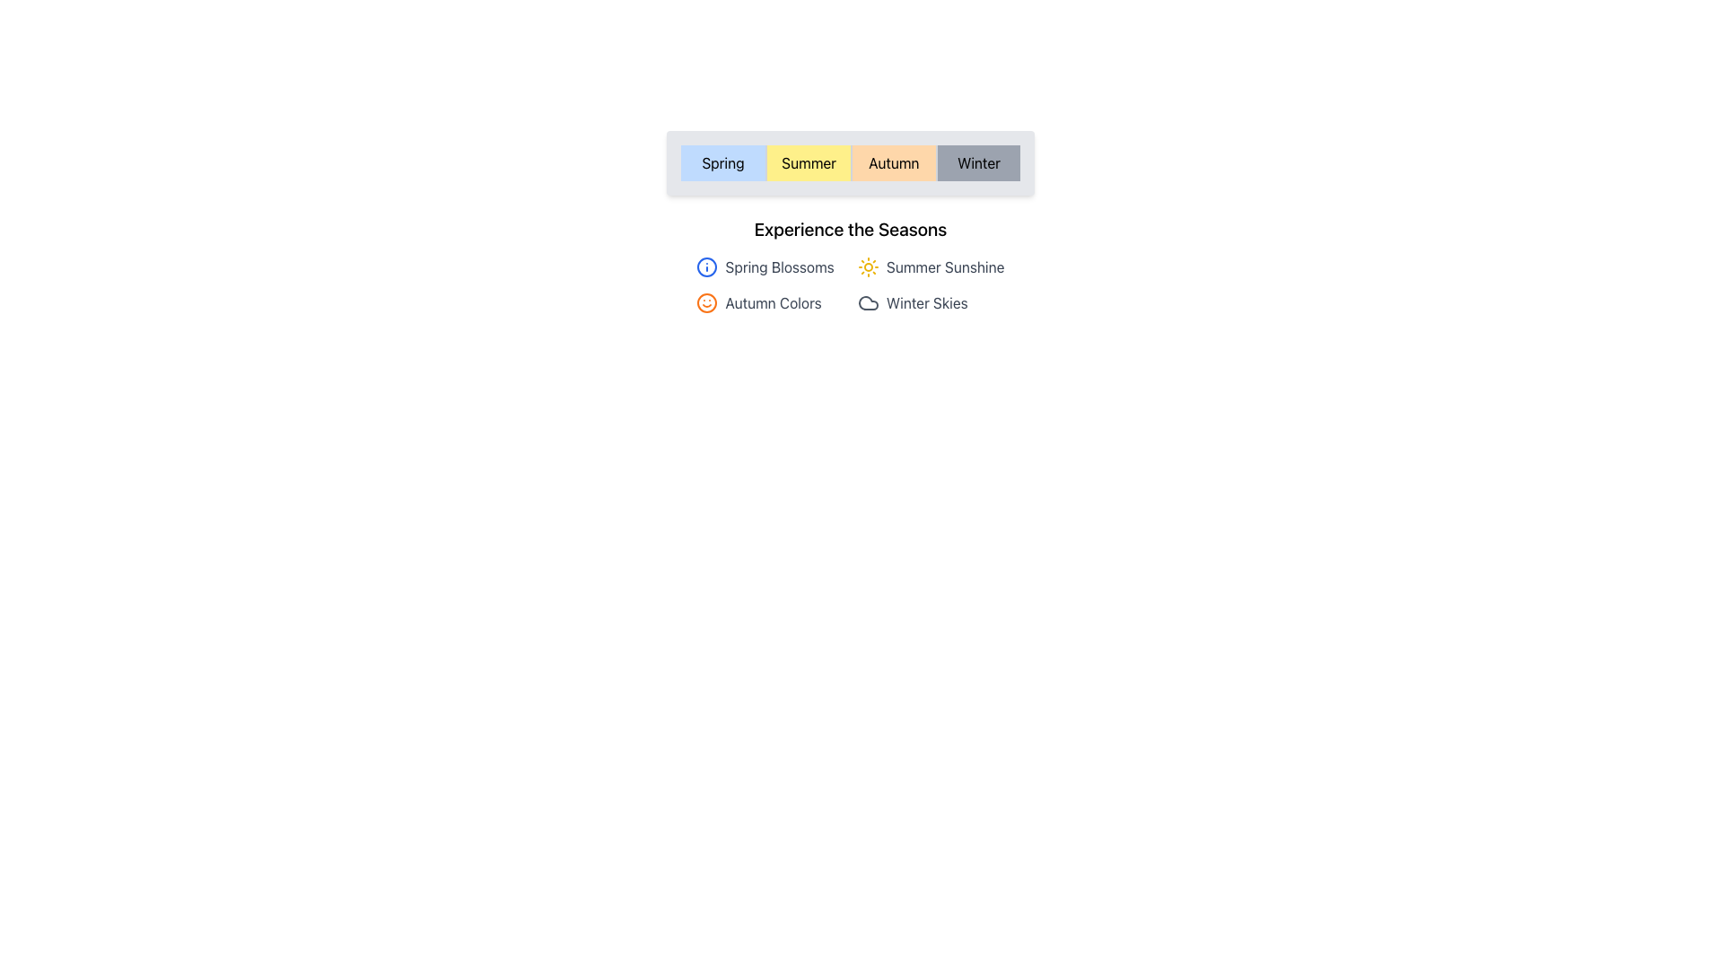 This screenshot has height=969, width=1723. Describe the element at coordinates (807, 162) in the screenshot. I see `the rectangular button with a yellow background and black text reading 'Summer'` at that location.